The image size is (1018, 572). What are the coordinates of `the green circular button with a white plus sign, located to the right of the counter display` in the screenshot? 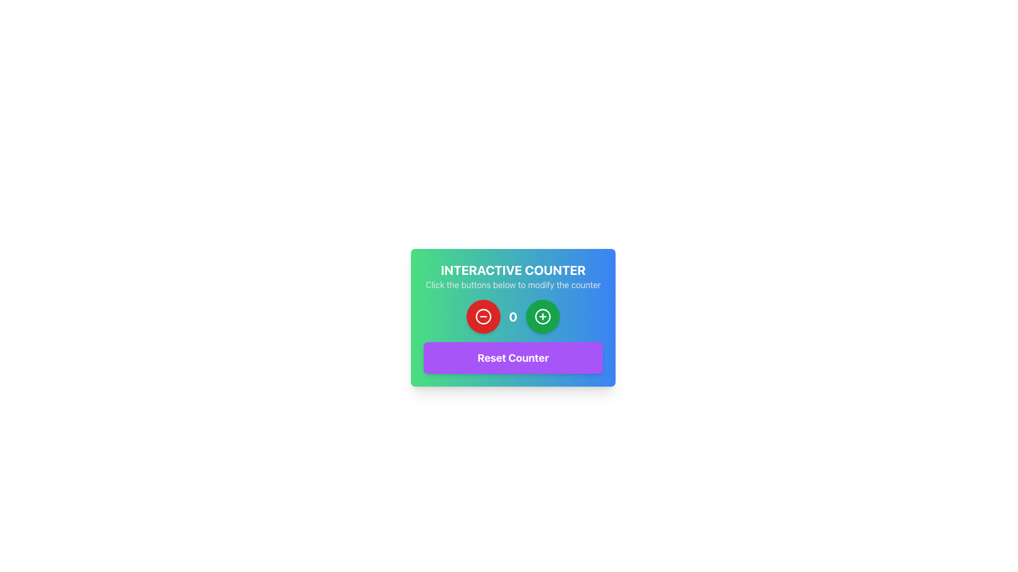 It's located at (542, 316).